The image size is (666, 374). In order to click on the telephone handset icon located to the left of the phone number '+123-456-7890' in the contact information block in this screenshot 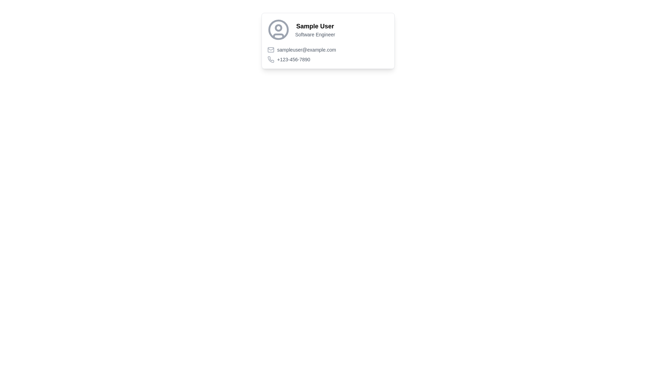, I will do `click(271, 59)`.